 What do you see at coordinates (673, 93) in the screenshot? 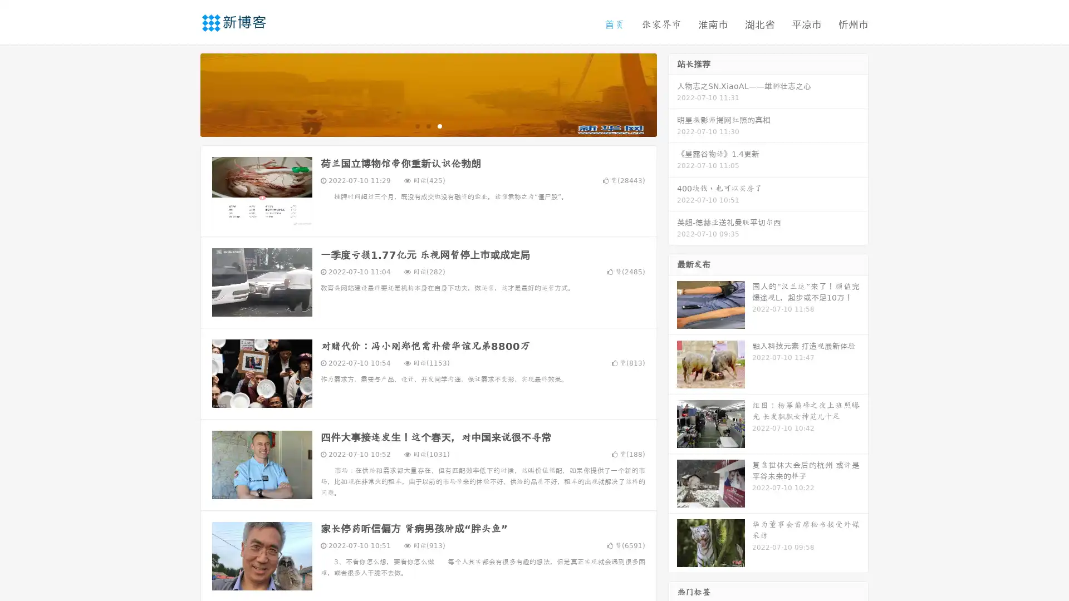
I see `Next slide` at bounding box center [673, 93].